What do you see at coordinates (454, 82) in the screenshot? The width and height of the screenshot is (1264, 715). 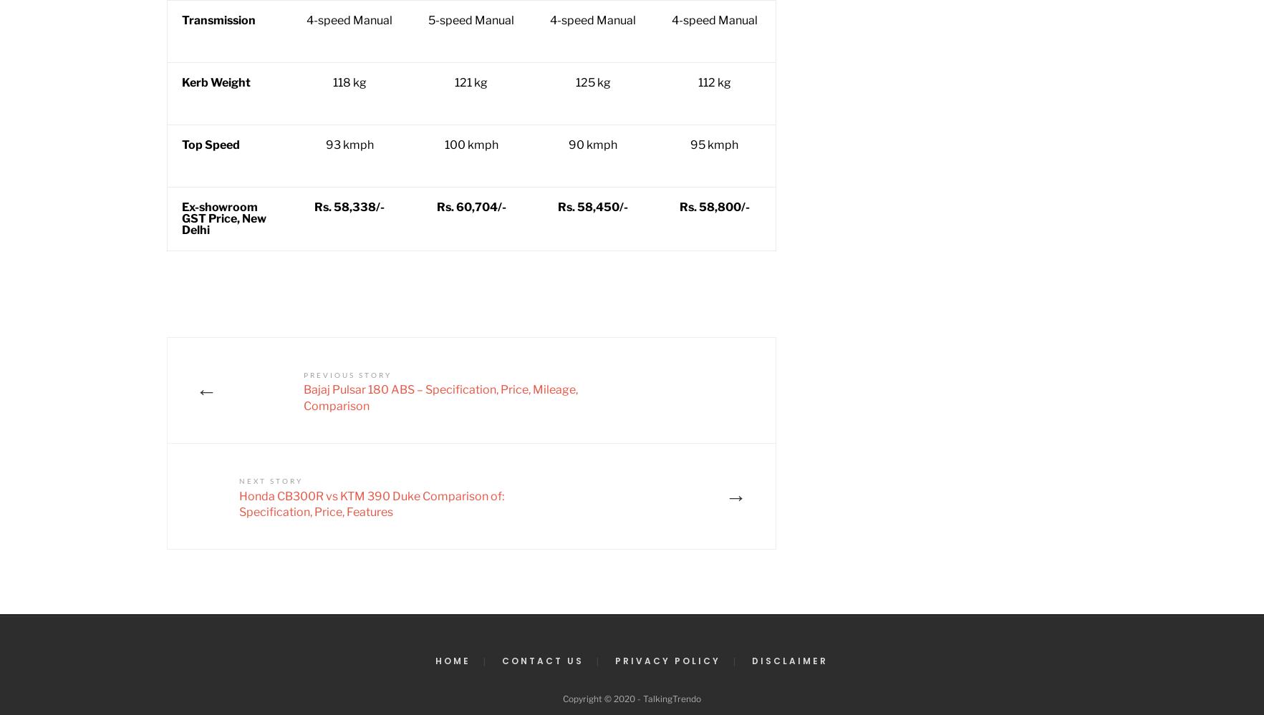 I see `'121 kg'` at bounding box center [454, 82].